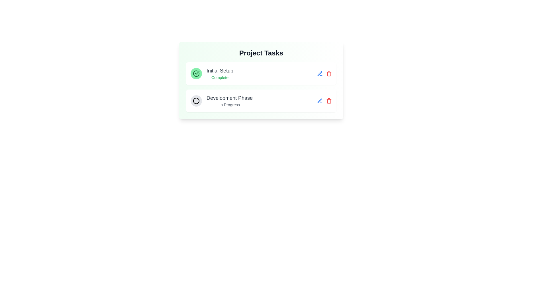  Describe the element at coordinates (220, 70) in the screenshot. I see `the 'Initial Setup' text label, which is styled in bold dark gray and located in the first row of a vertically arranged task list, to the right of a green circular checkmark icon` at that location.